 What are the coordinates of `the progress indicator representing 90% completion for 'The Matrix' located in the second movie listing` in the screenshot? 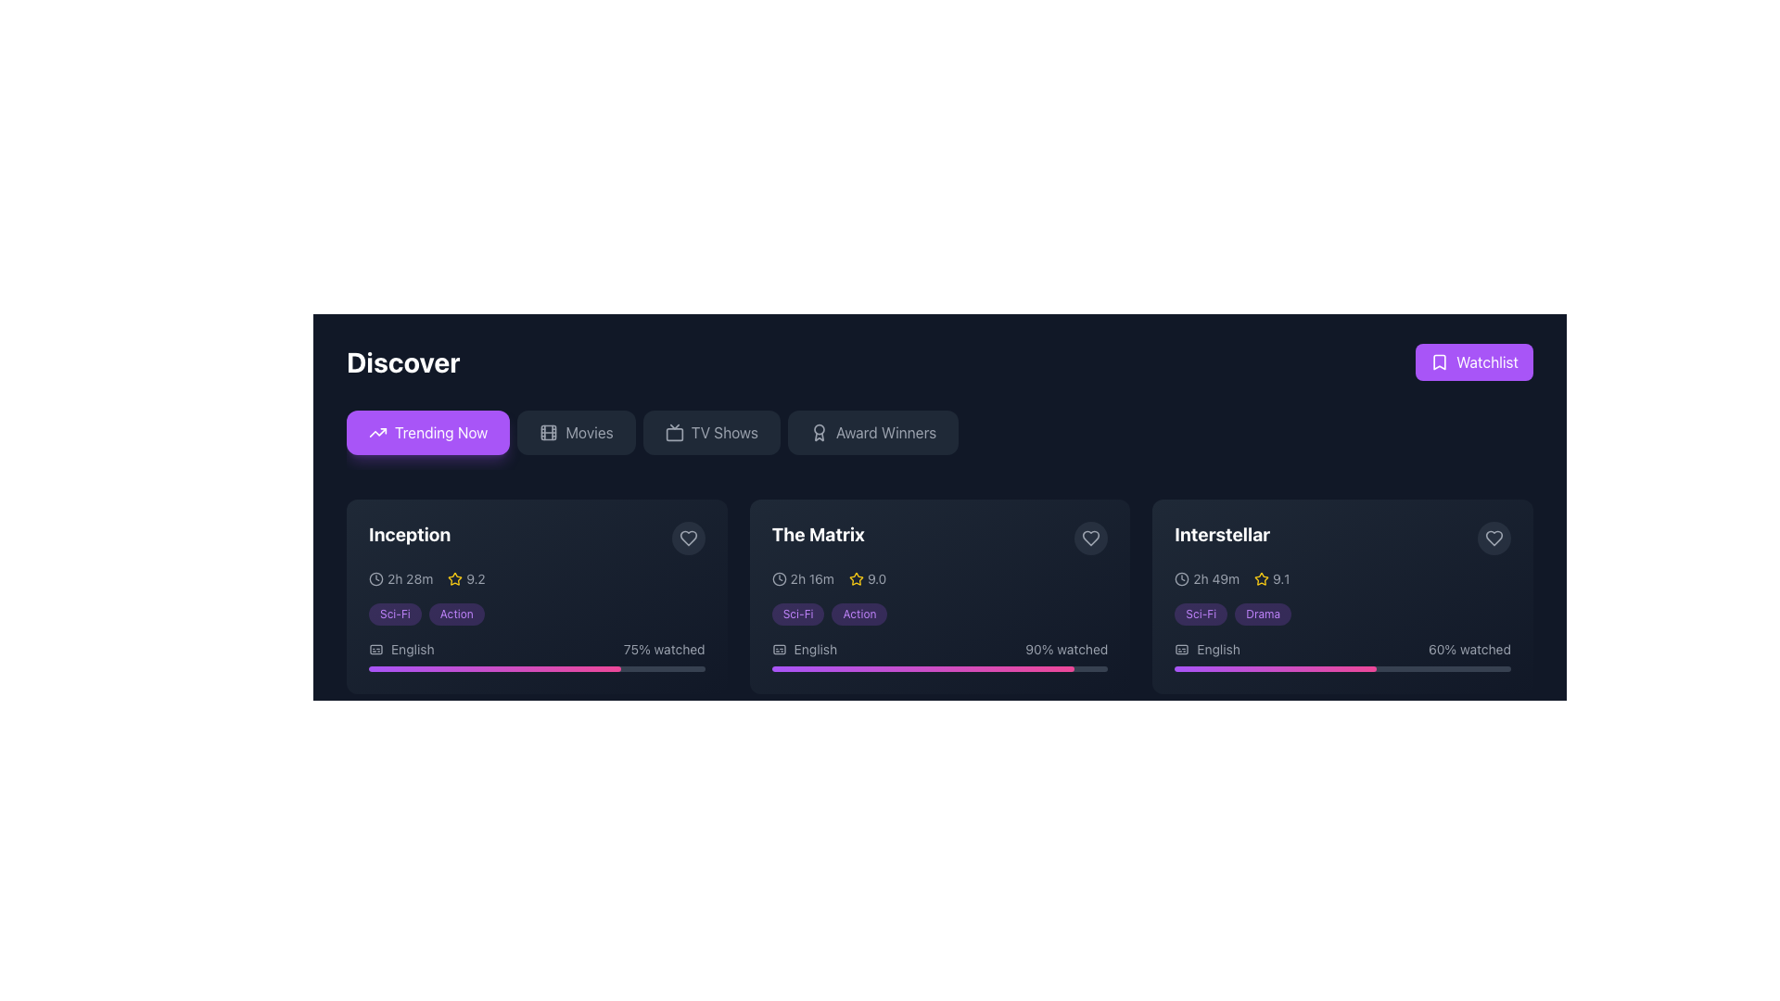 It's located at (922, 668).